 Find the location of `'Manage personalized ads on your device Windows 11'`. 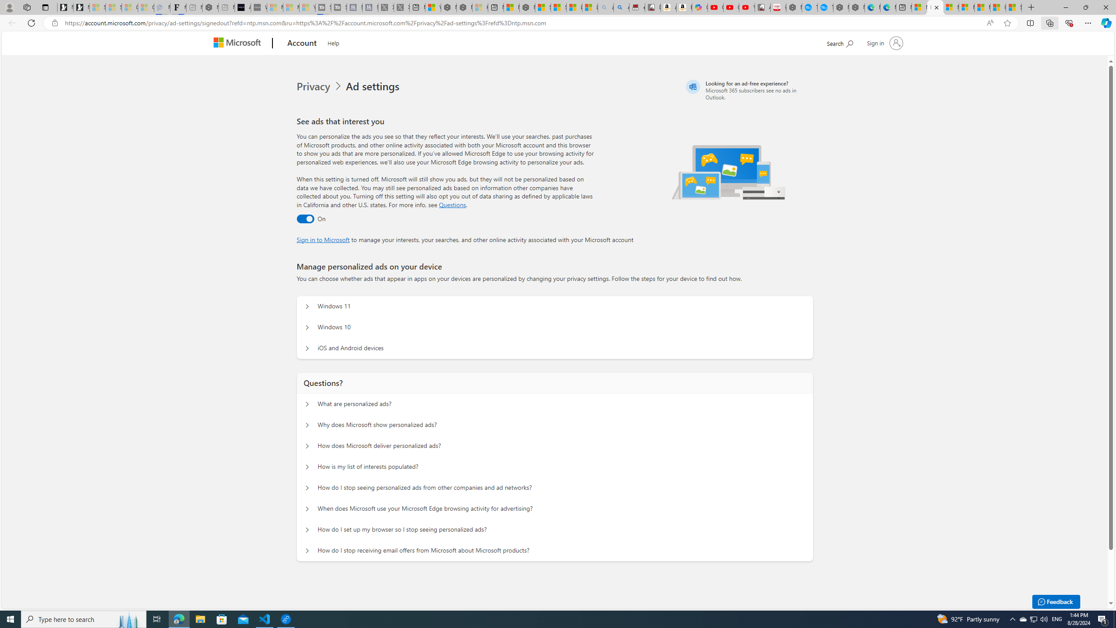

'Manage personalized ads on your device Windows 11' is located at coordinates (307, 306).